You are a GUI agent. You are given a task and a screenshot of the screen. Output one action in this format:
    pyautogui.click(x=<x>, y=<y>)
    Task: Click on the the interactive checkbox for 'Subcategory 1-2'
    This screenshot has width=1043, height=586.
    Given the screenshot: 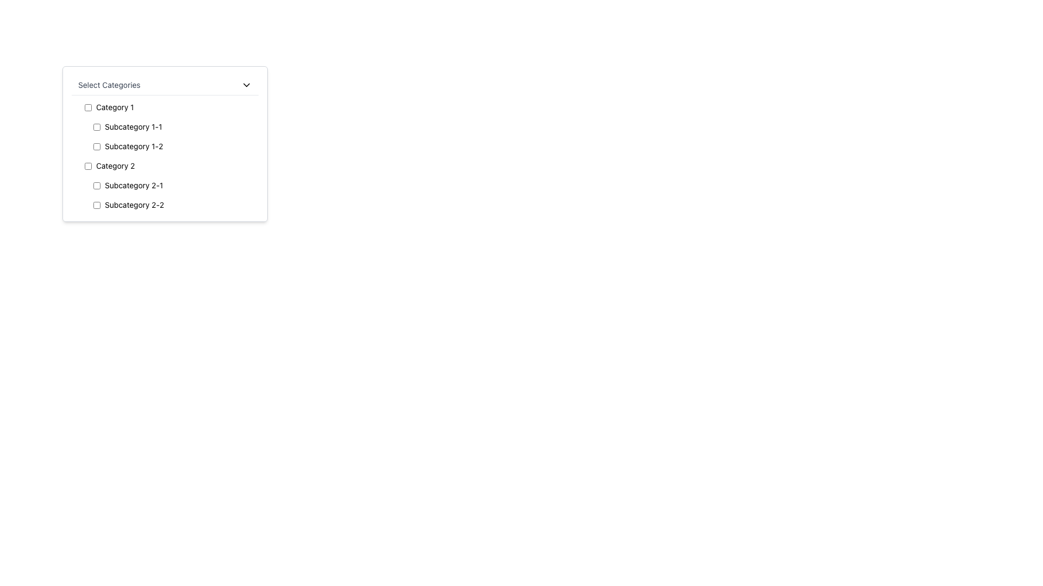 What is the action you would take?
    pyautogui.click(x=97, y=146)
    